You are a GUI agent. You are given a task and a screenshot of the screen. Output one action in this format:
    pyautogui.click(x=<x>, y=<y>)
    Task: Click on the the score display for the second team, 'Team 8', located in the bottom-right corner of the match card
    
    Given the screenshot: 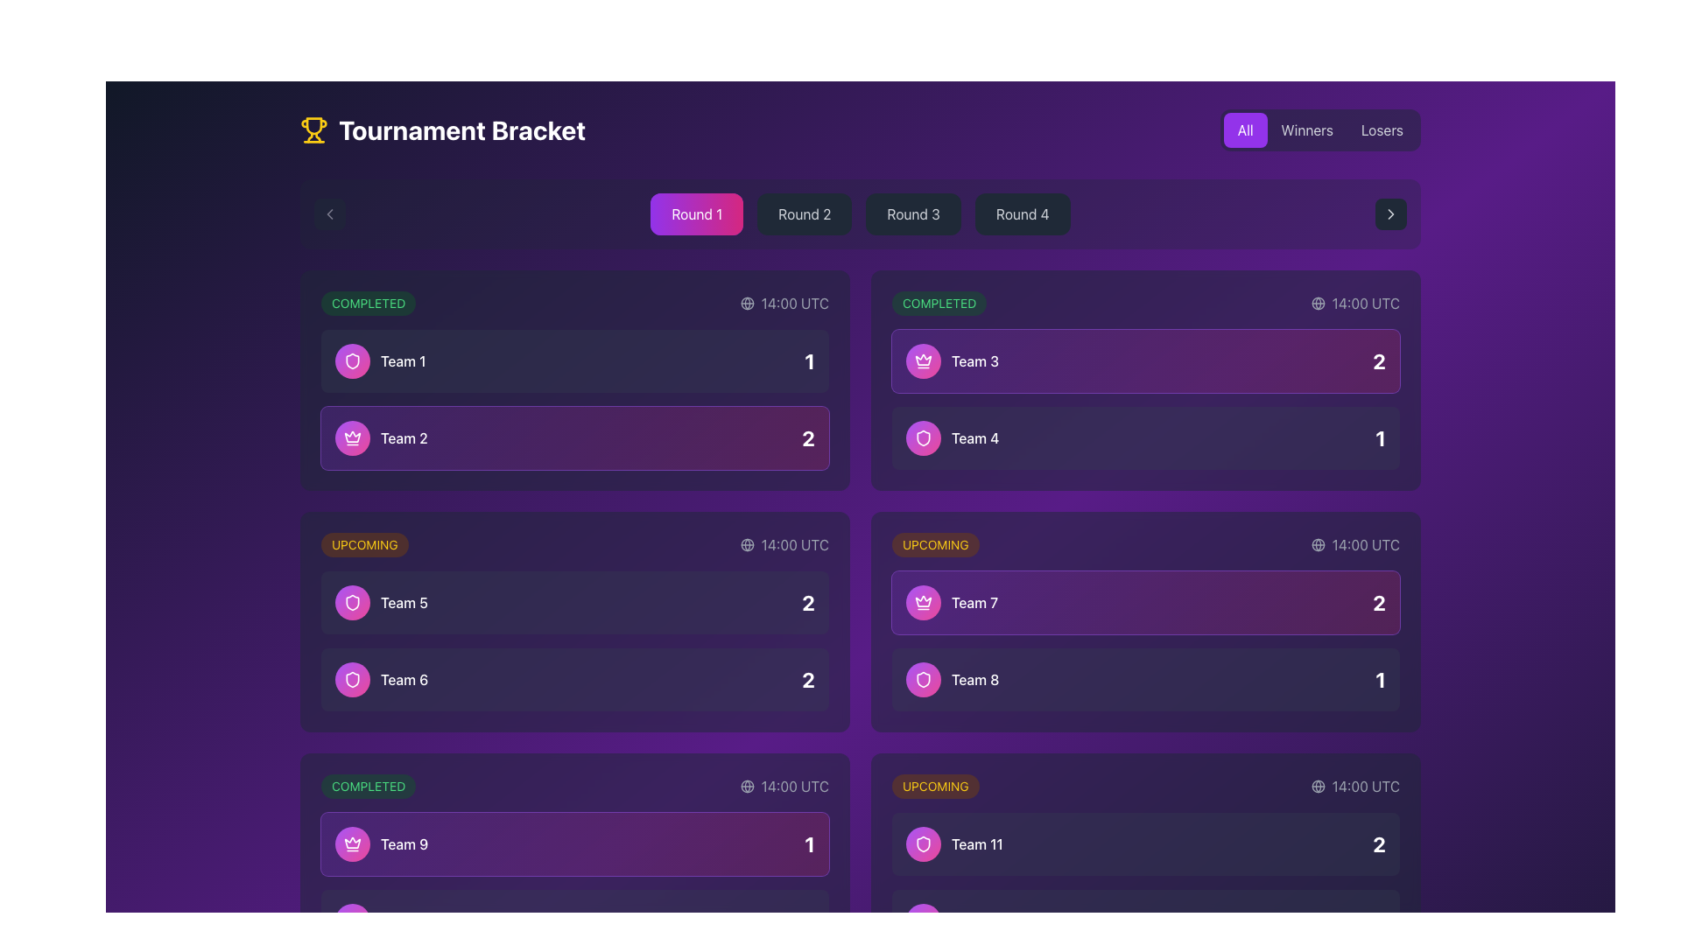 What is the action you would take?
    pyautogui.click(x=1380, y=678)
    